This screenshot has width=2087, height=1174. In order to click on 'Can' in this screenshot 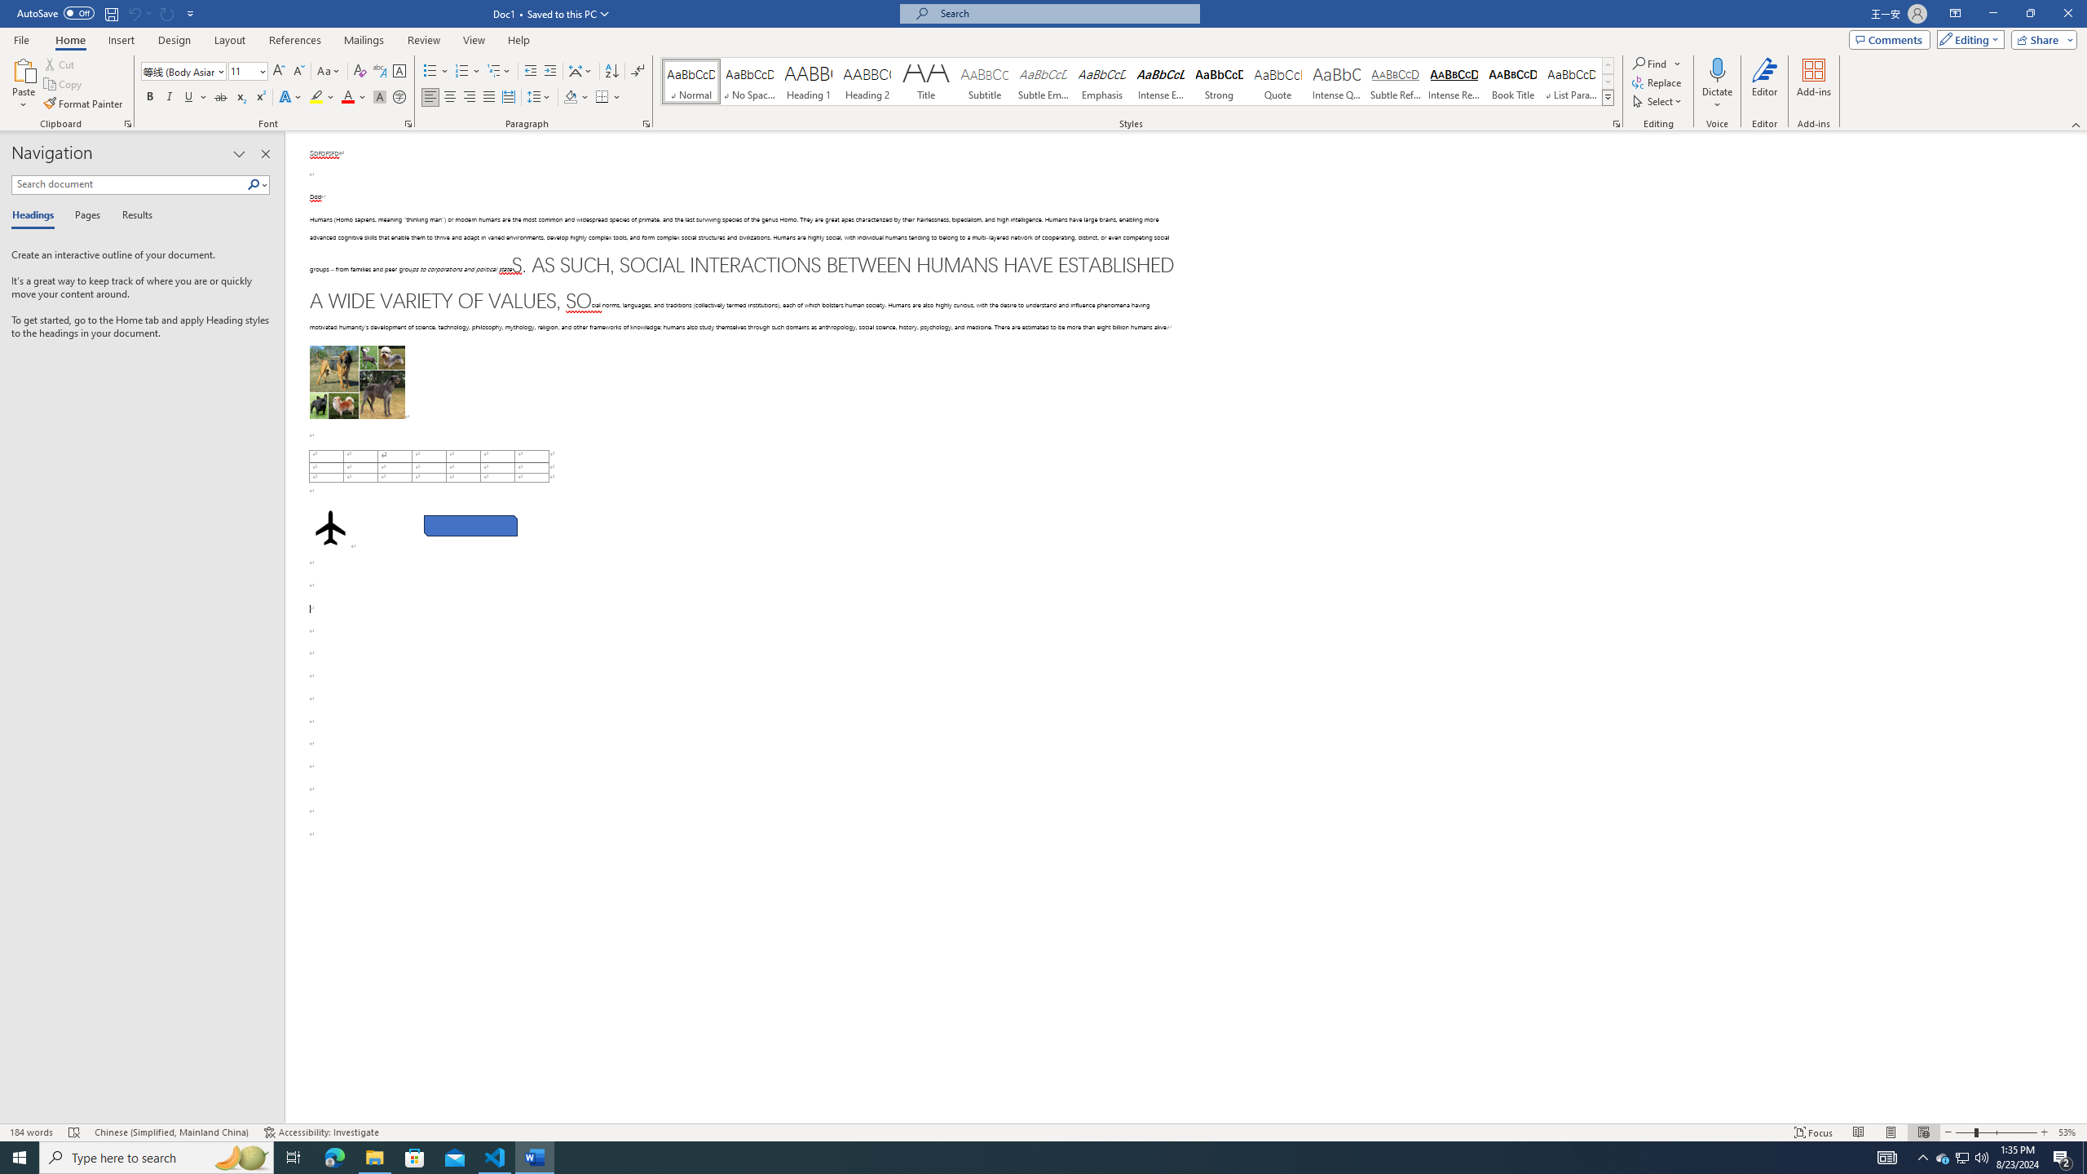, I will do `click(133, 12)`.